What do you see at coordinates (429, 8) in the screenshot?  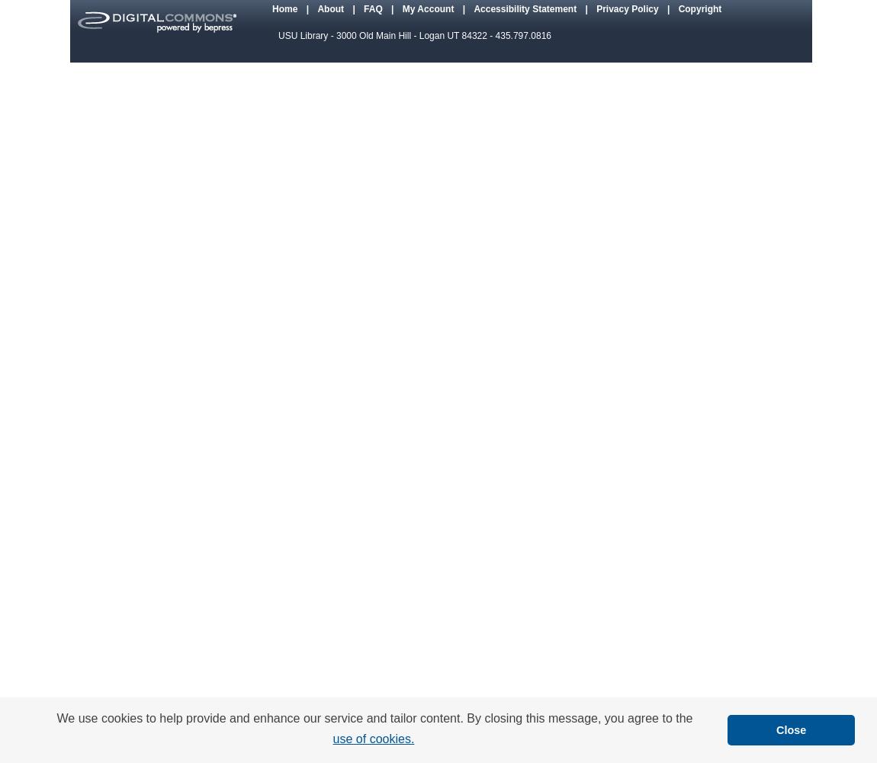 I see `'My Account'` at bounding box center [429, 8].